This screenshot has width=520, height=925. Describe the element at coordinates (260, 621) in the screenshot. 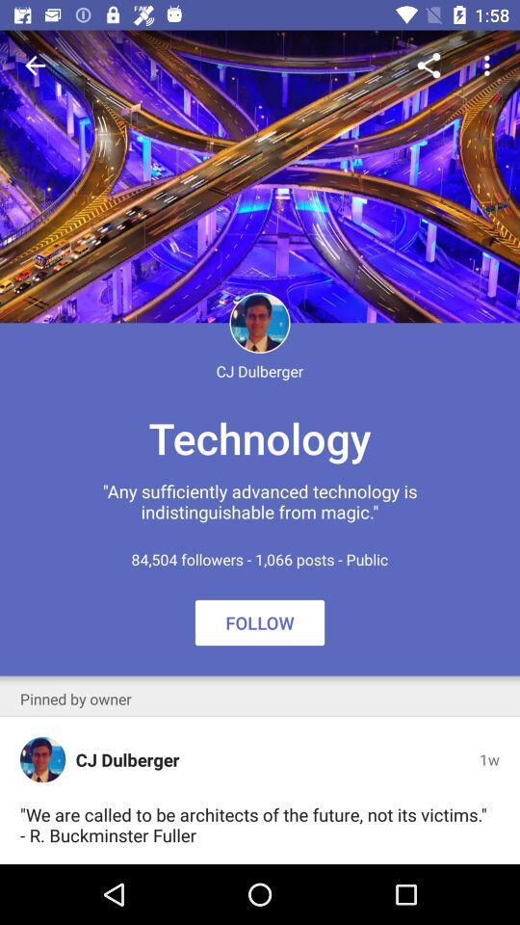

I see `the follow` at that location.